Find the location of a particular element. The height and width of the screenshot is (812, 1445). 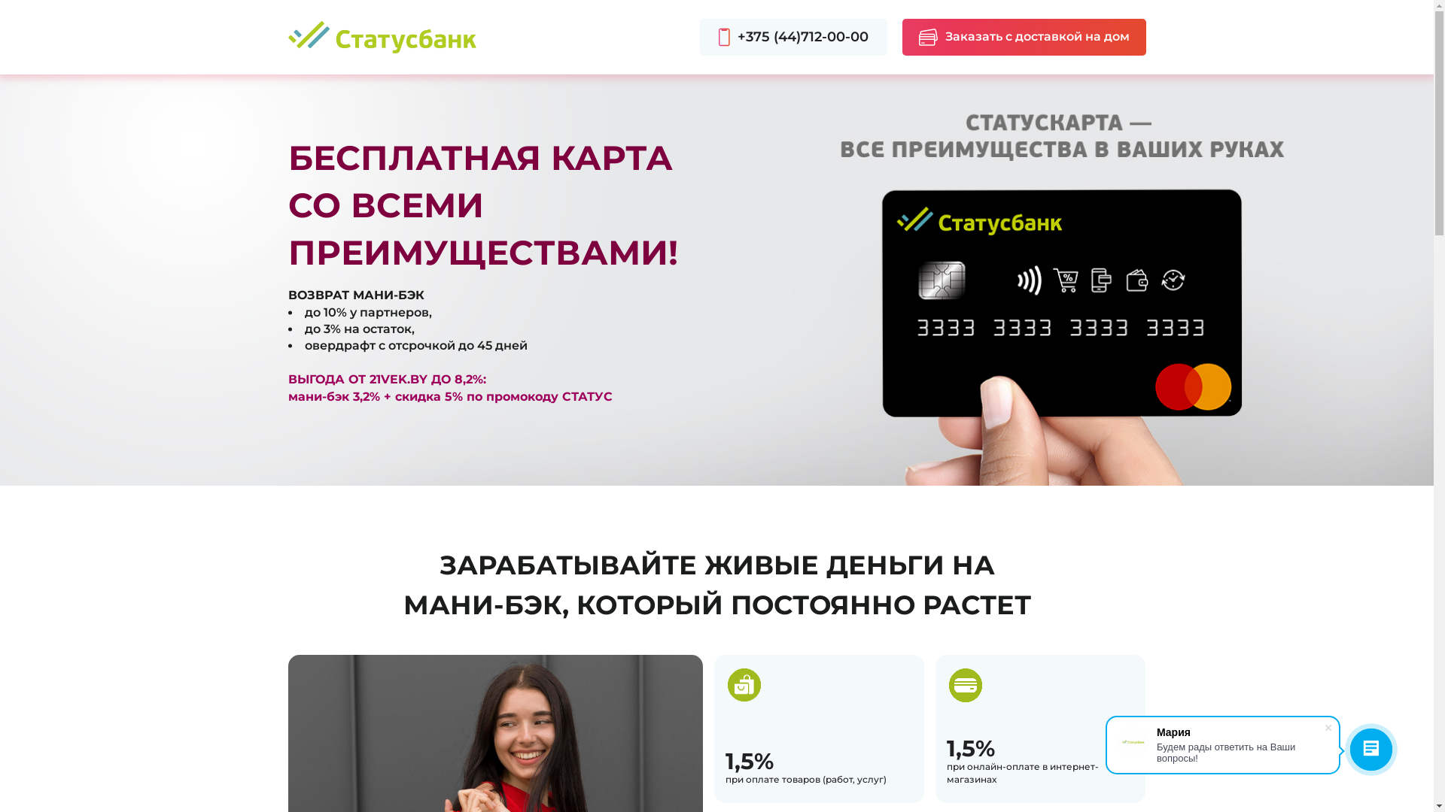

'+375 (44)712-00-00' is located at coordinates (792, 36).